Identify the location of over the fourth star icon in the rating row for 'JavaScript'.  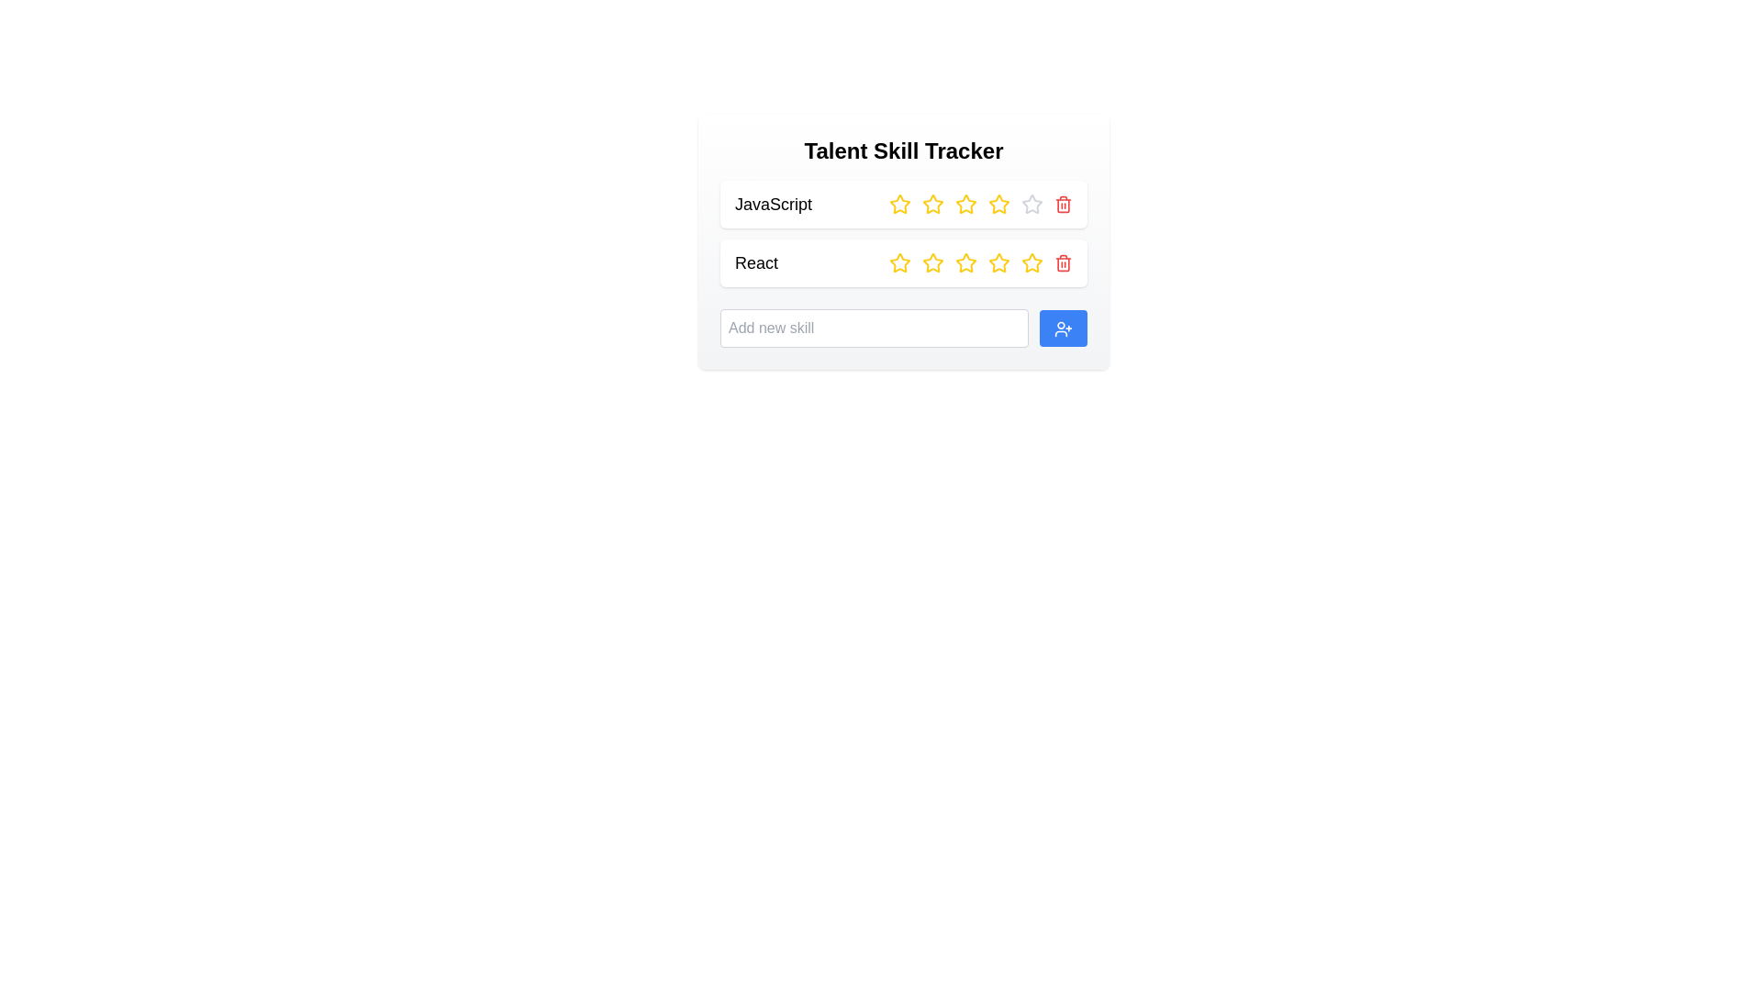
(965, 204).